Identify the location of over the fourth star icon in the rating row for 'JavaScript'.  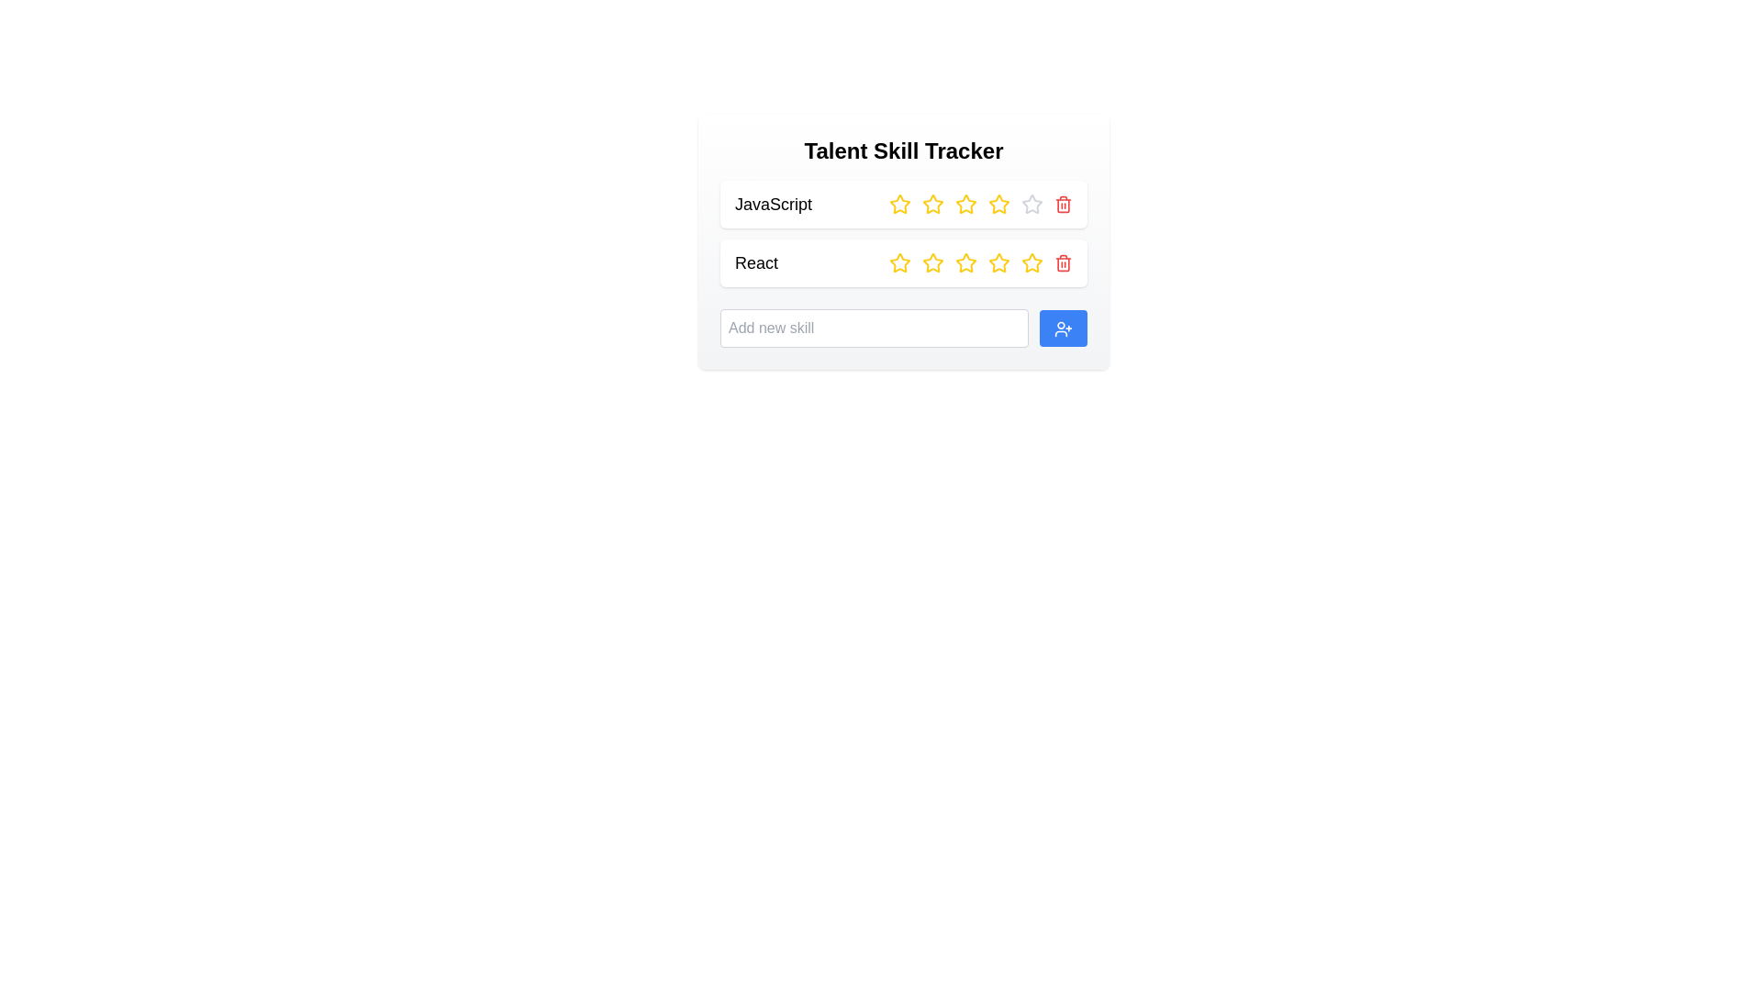
(965, 204).